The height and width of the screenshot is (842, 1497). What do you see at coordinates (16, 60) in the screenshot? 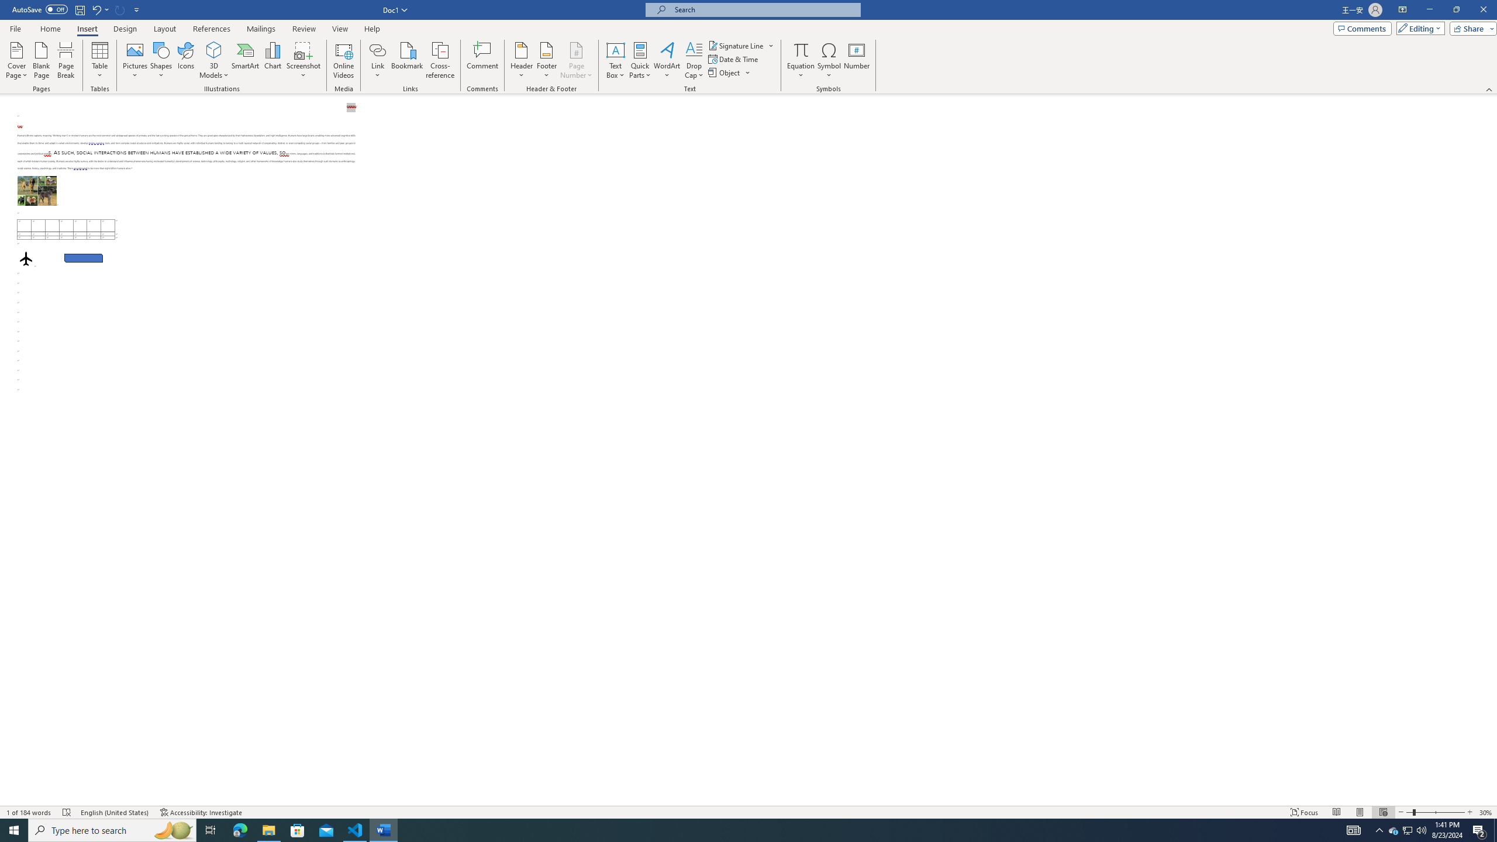
I see `'Cover Page'` at bounding box center [16, 60].